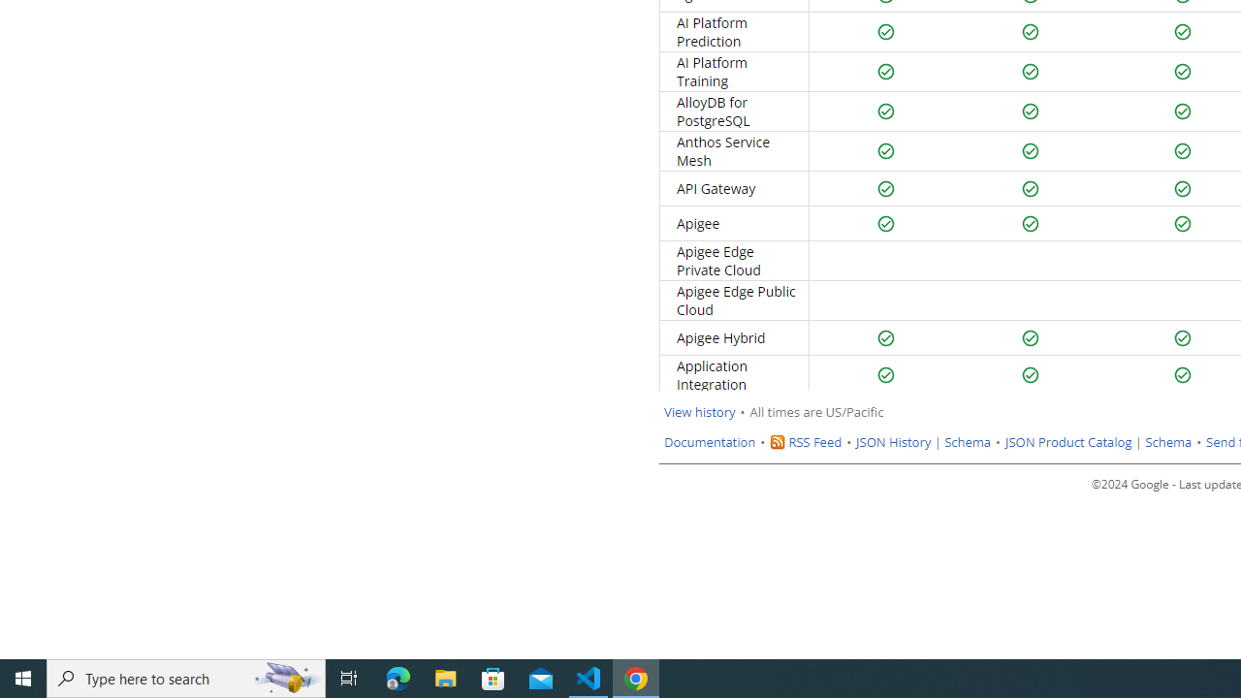 The width and height of the screenshot is (1241, 698). Describe the element at coordinates (698, 411) in the screenshot. I see `'View history'` at that location.